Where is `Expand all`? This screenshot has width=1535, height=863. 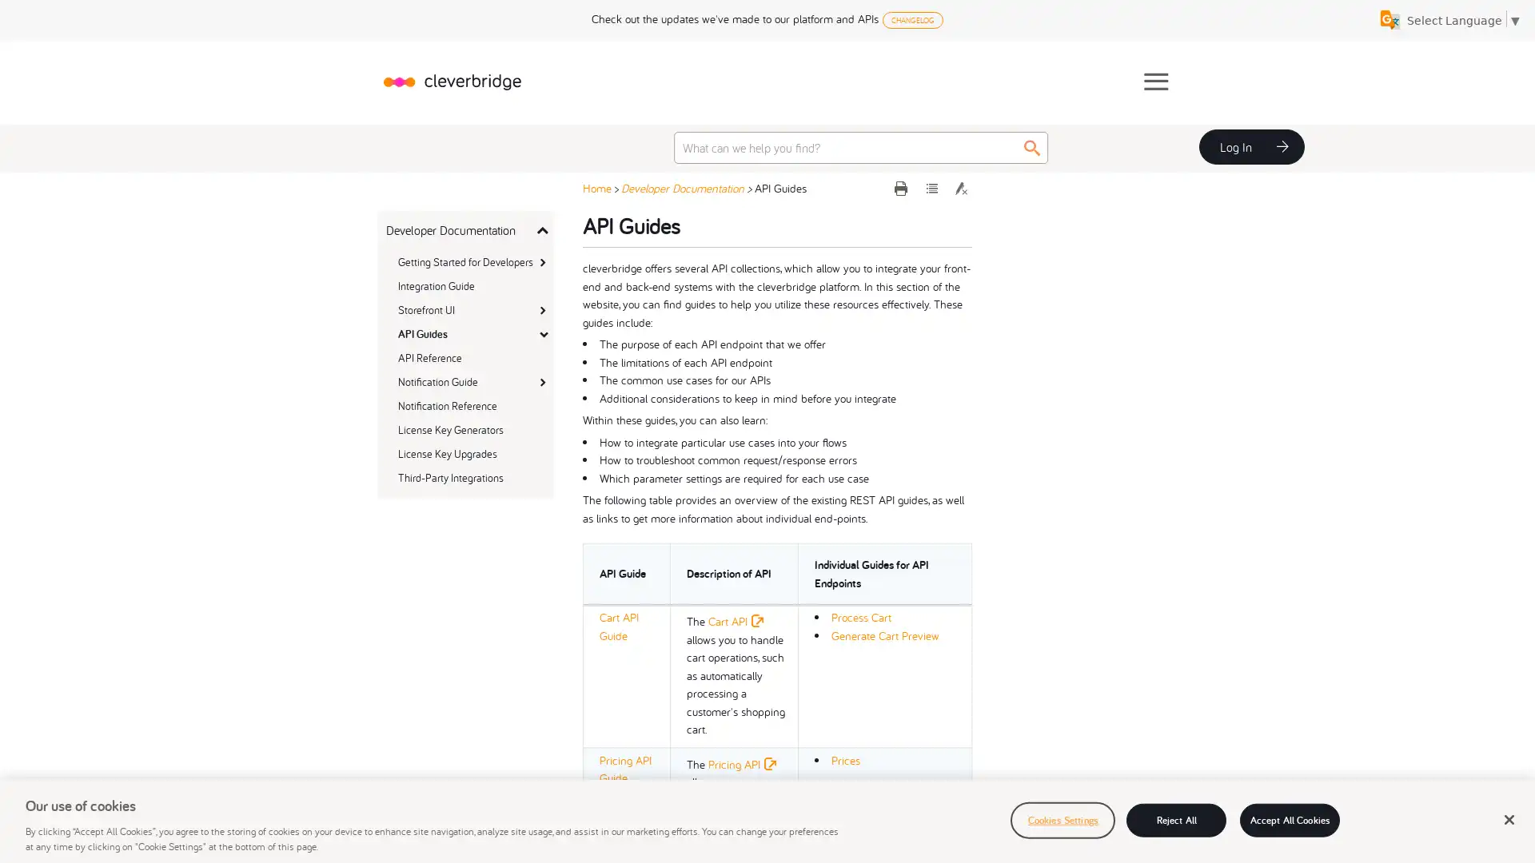
Expand all is located at coordinates (932, 187).